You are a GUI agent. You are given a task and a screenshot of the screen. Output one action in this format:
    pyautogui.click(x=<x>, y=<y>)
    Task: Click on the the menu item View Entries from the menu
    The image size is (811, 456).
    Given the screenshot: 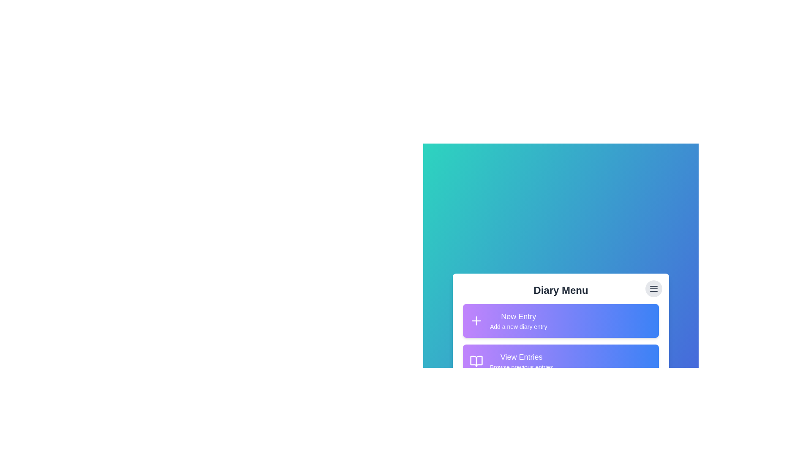 What is the action you would take?
    pyautogui.click(x=561, y=361)
    